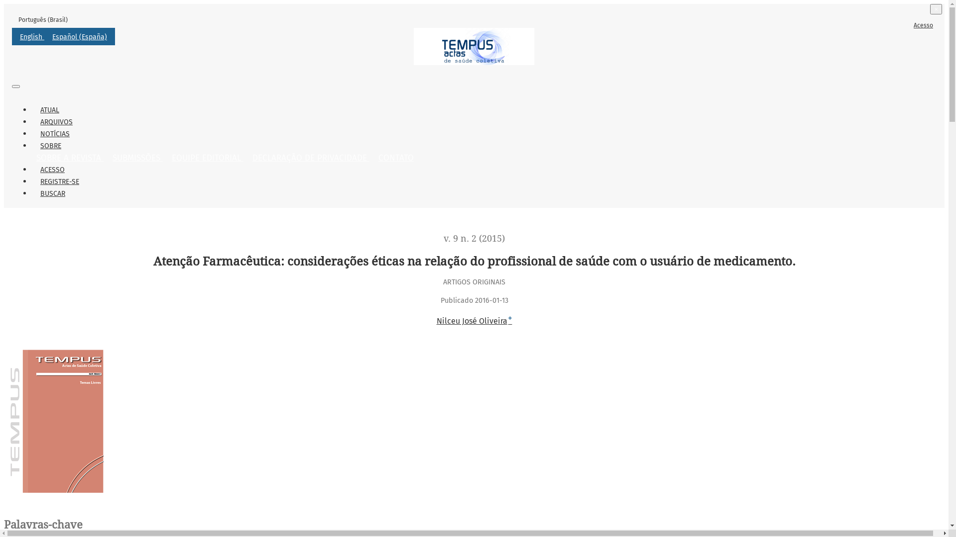 This screenshot has width=956, height=537. I want to click on 'CONTATO', so click(395, 157).